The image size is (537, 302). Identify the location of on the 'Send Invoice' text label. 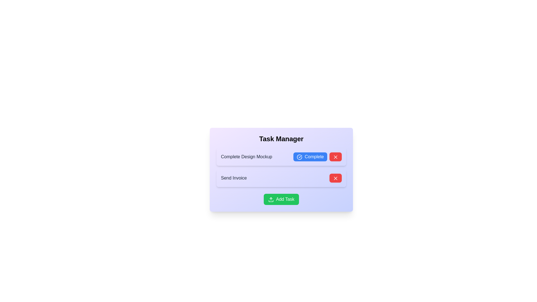
(234, 178).